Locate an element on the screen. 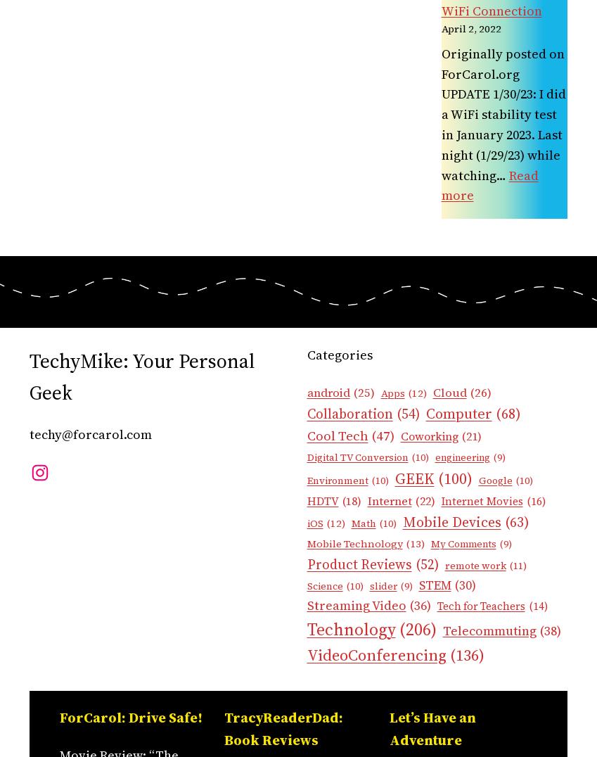  'Read more' is located at coordinates (489, 184).